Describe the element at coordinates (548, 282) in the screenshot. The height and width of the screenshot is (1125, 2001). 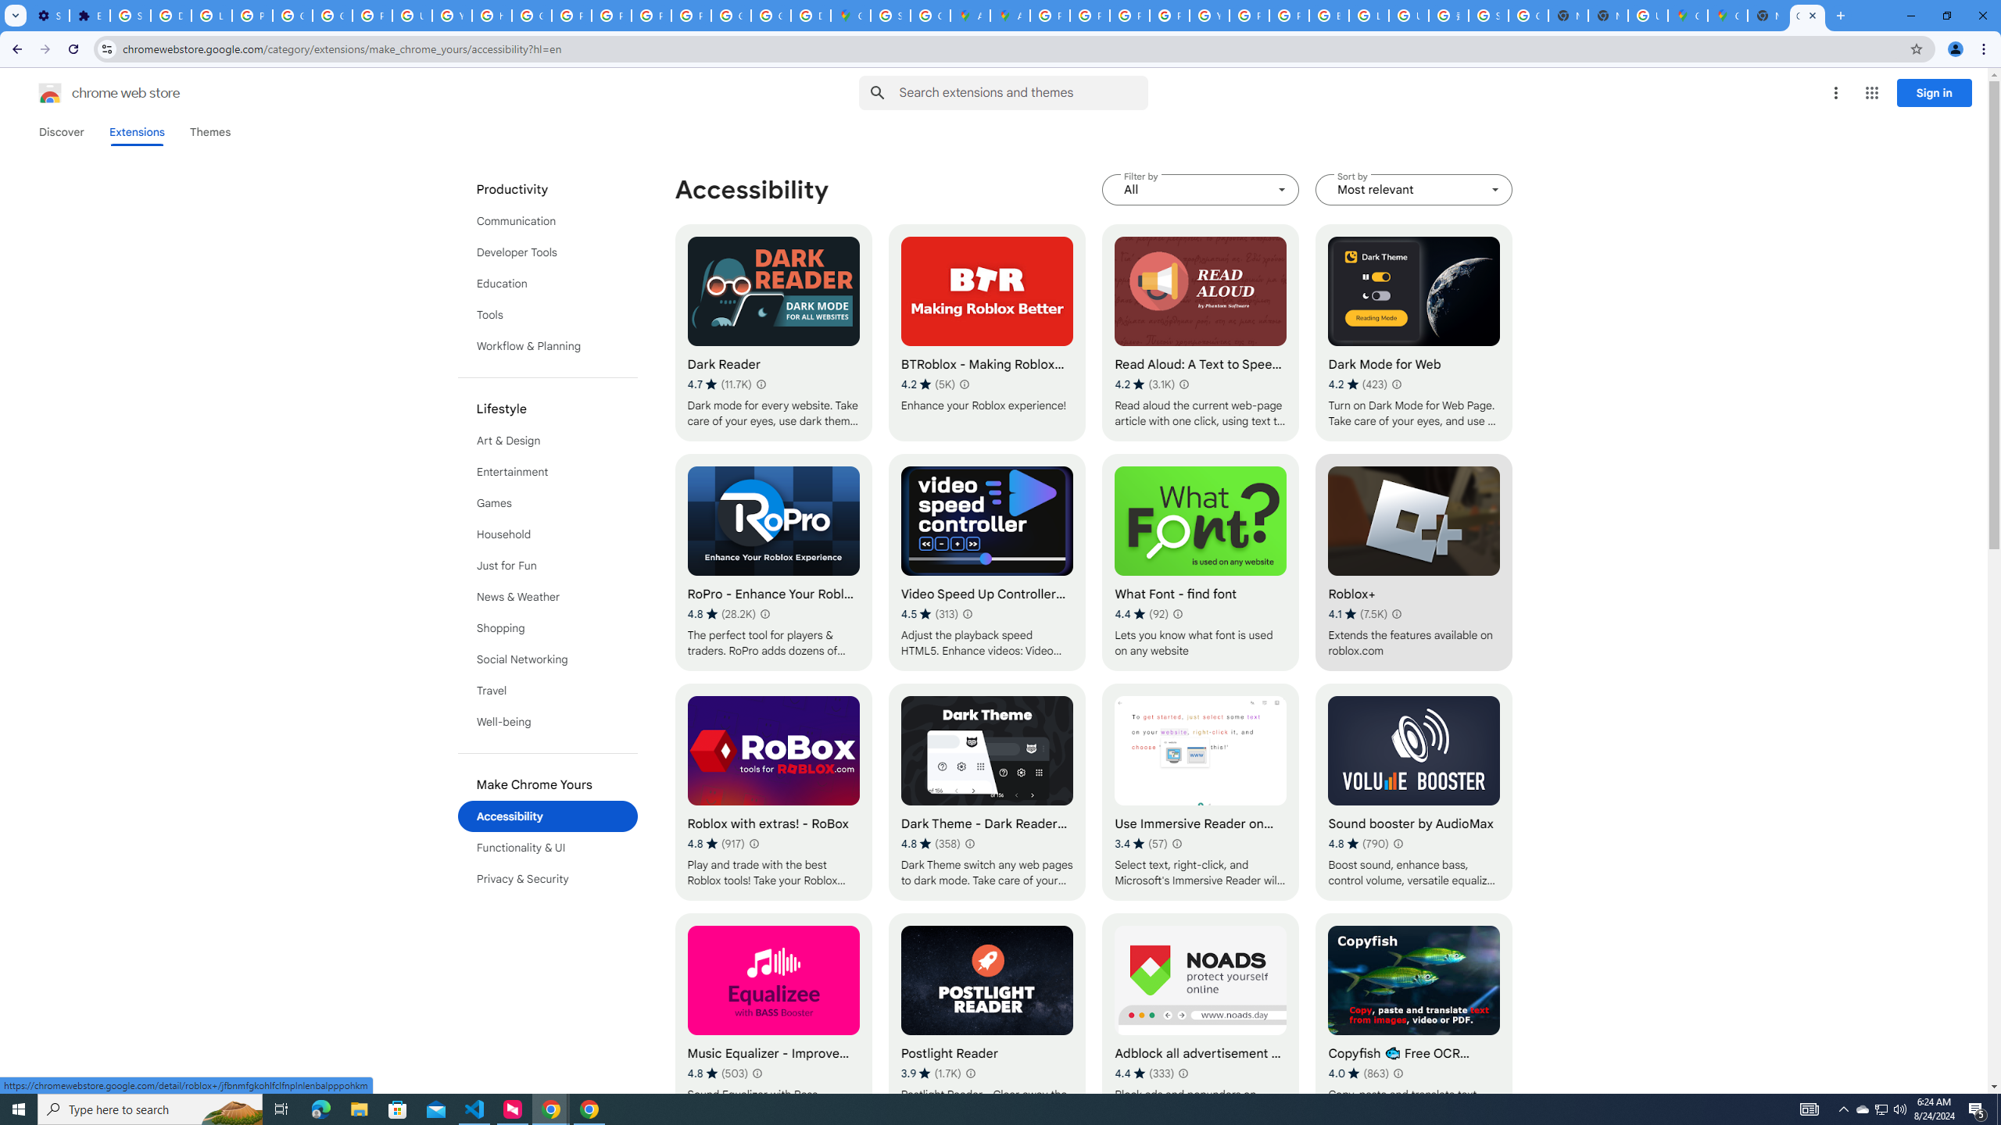
I see `'Education'` at that location.